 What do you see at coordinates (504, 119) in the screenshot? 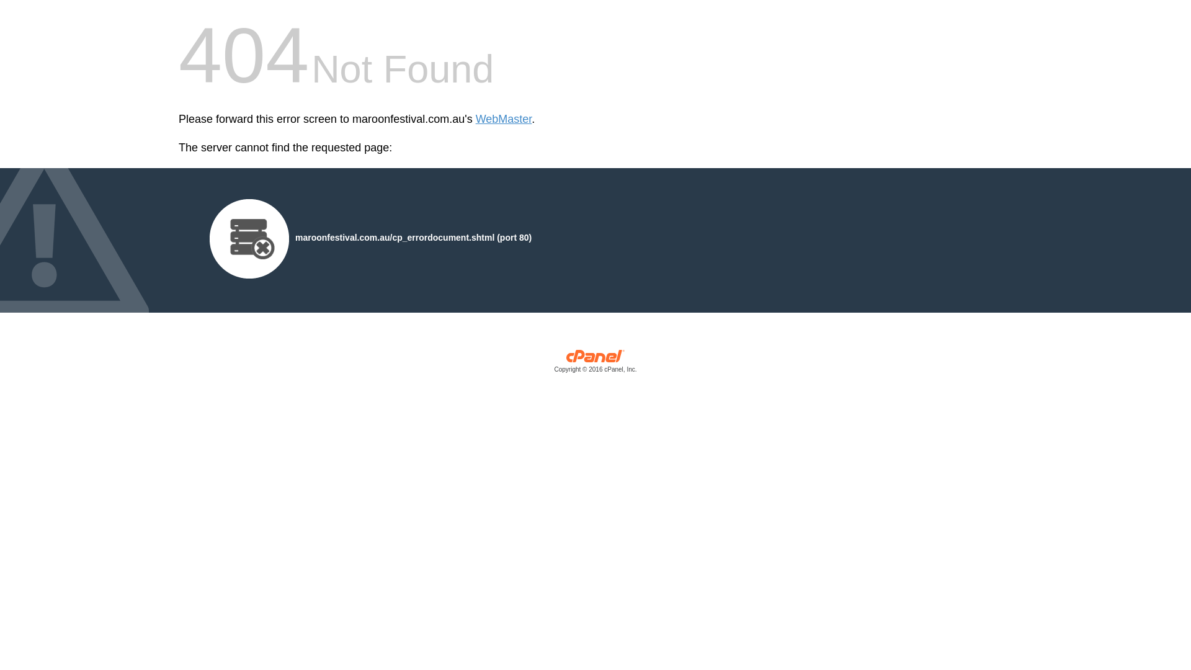
I see `'WebMaster'` at bounding box center [504, 119].